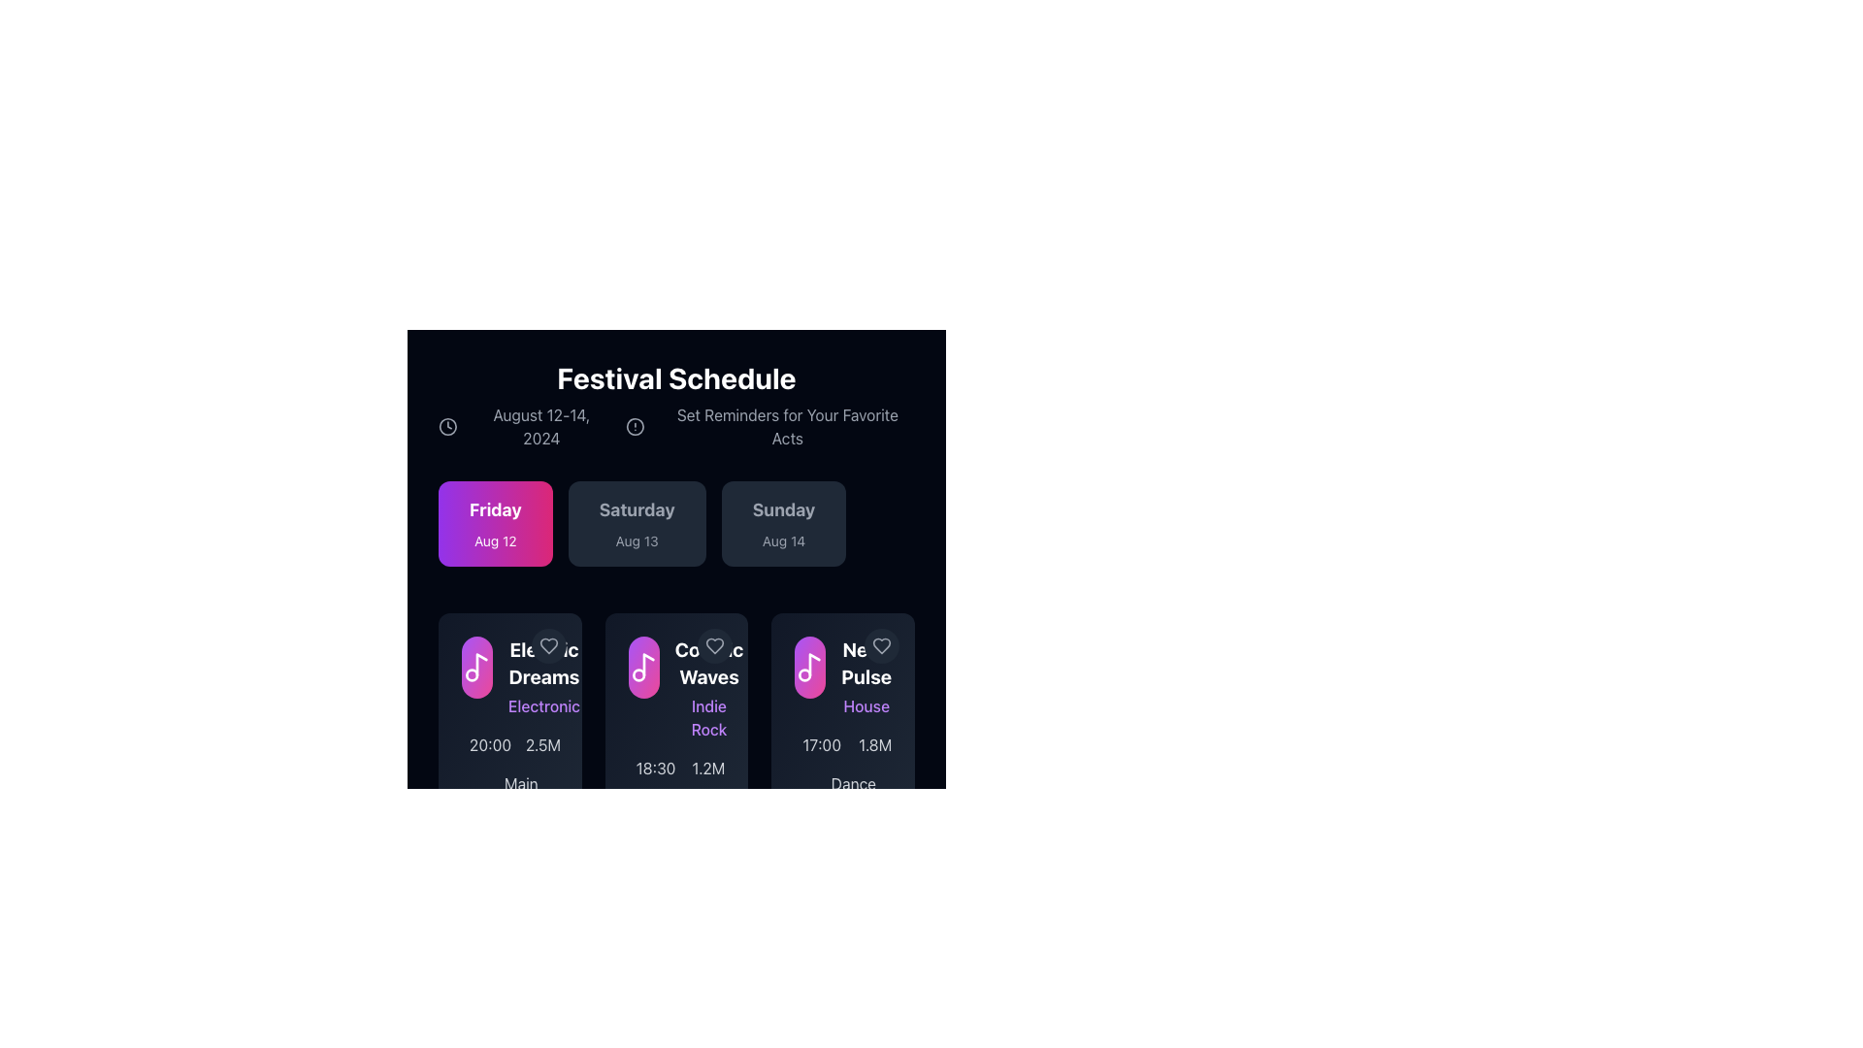  Describe the element at coordinates (469, 796) in the screenshot. I see `the map pin icon located near the bottom-left corner of a section, adjacent to text and other icons` at that location.